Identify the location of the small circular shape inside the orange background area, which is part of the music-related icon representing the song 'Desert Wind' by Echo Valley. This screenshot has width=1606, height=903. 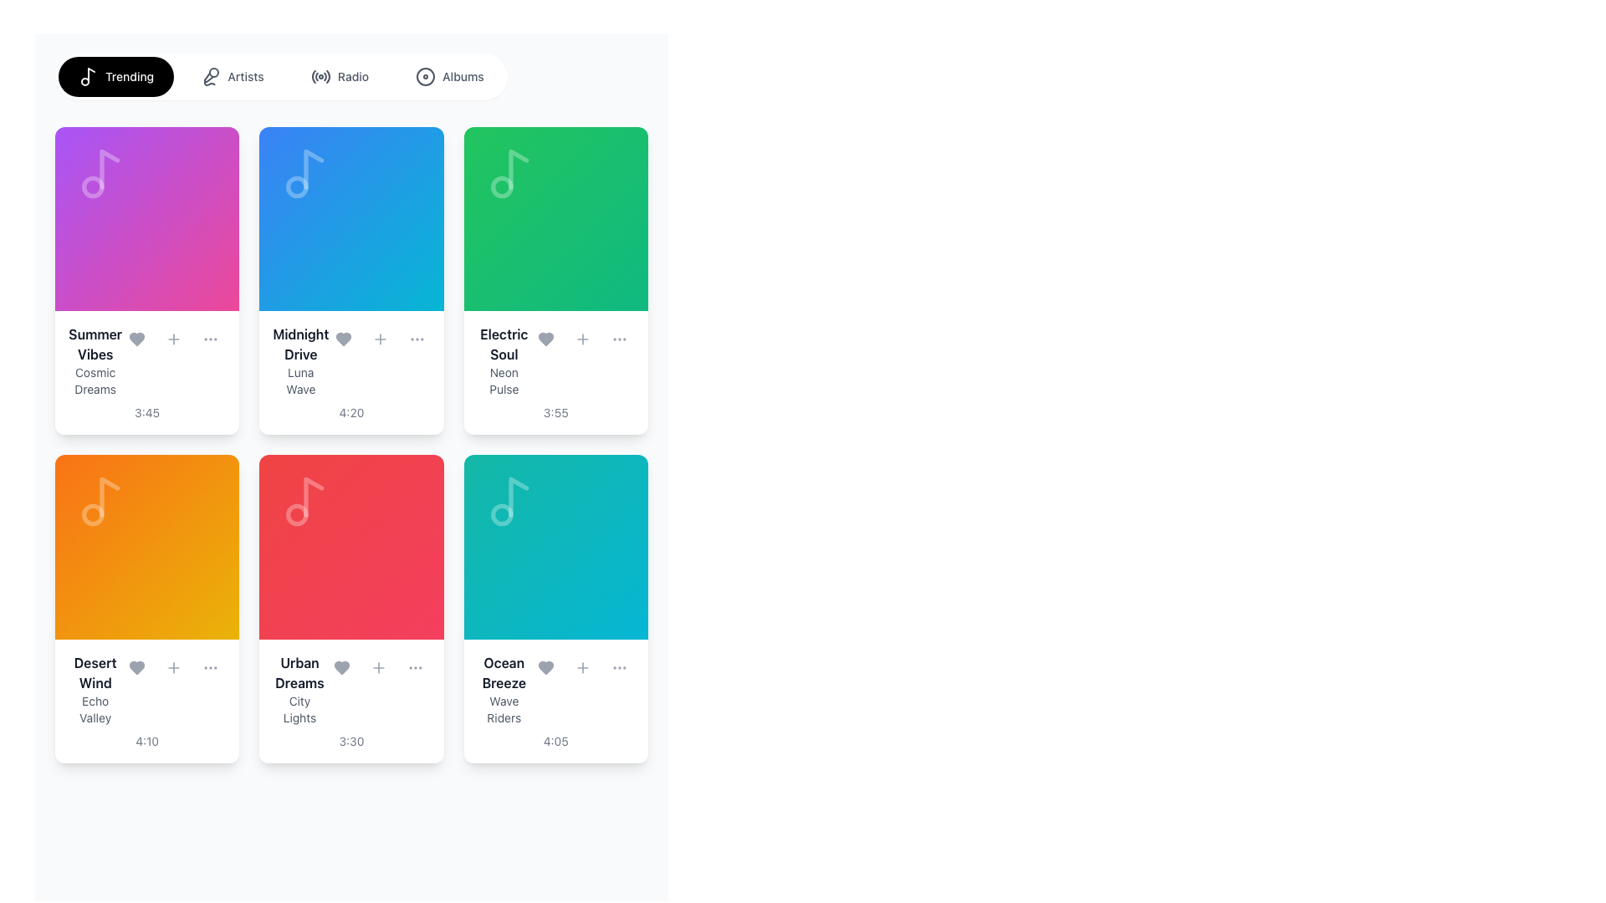
(92, 514).